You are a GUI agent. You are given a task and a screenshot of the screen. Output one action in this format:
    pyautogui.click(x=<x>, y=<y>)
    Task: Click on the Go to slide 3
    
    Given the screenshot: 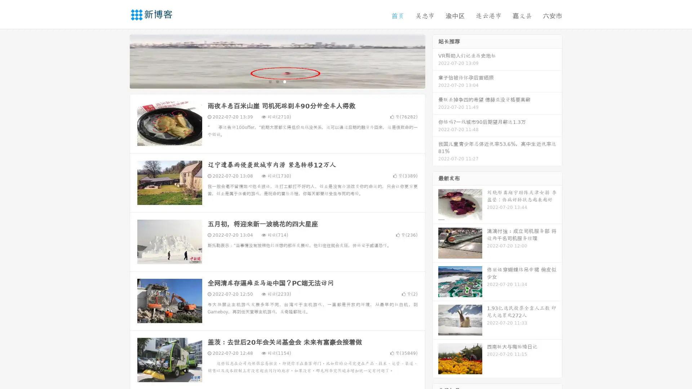 What is the action you would take?
    pyautogui.click(x=284, y=81)
    